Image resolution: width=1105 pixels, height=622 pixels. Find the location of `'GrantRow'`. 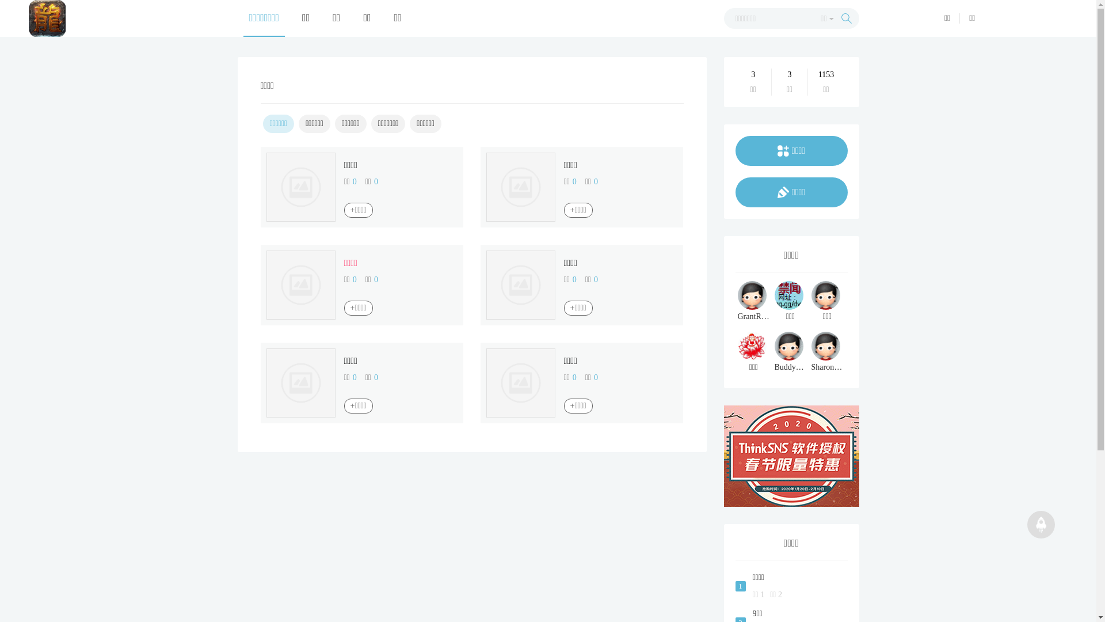

'GrantRow' is located at coordinates (754, 301).